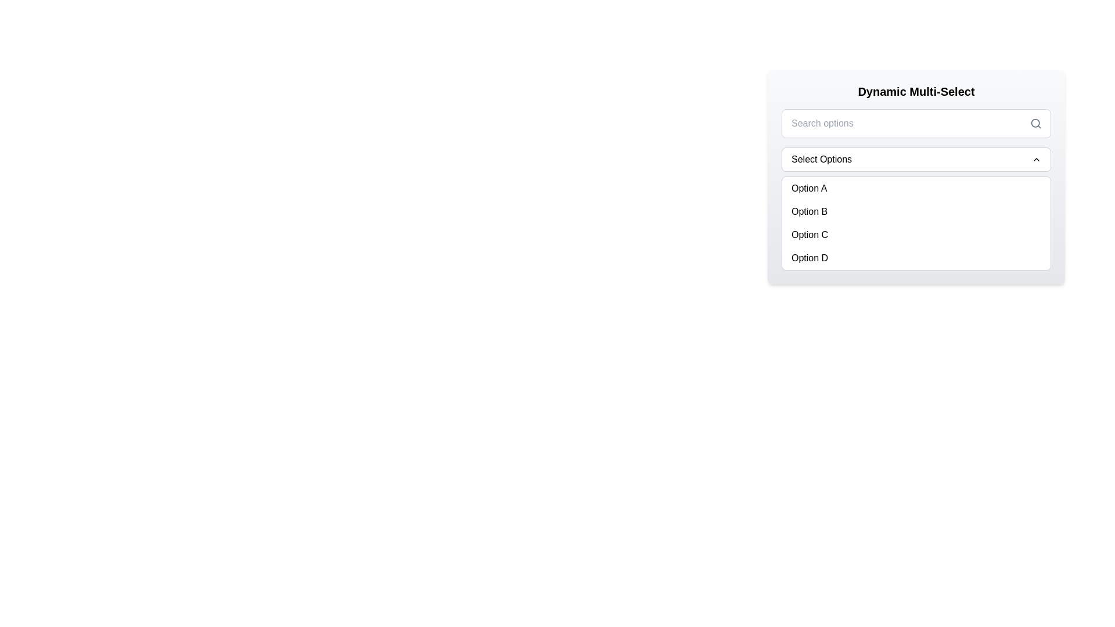  Describe the element at coordinates (1036, 123) in the screenshot. I see `the magnifying glass icon located at the right edge of the search bar` at that location.